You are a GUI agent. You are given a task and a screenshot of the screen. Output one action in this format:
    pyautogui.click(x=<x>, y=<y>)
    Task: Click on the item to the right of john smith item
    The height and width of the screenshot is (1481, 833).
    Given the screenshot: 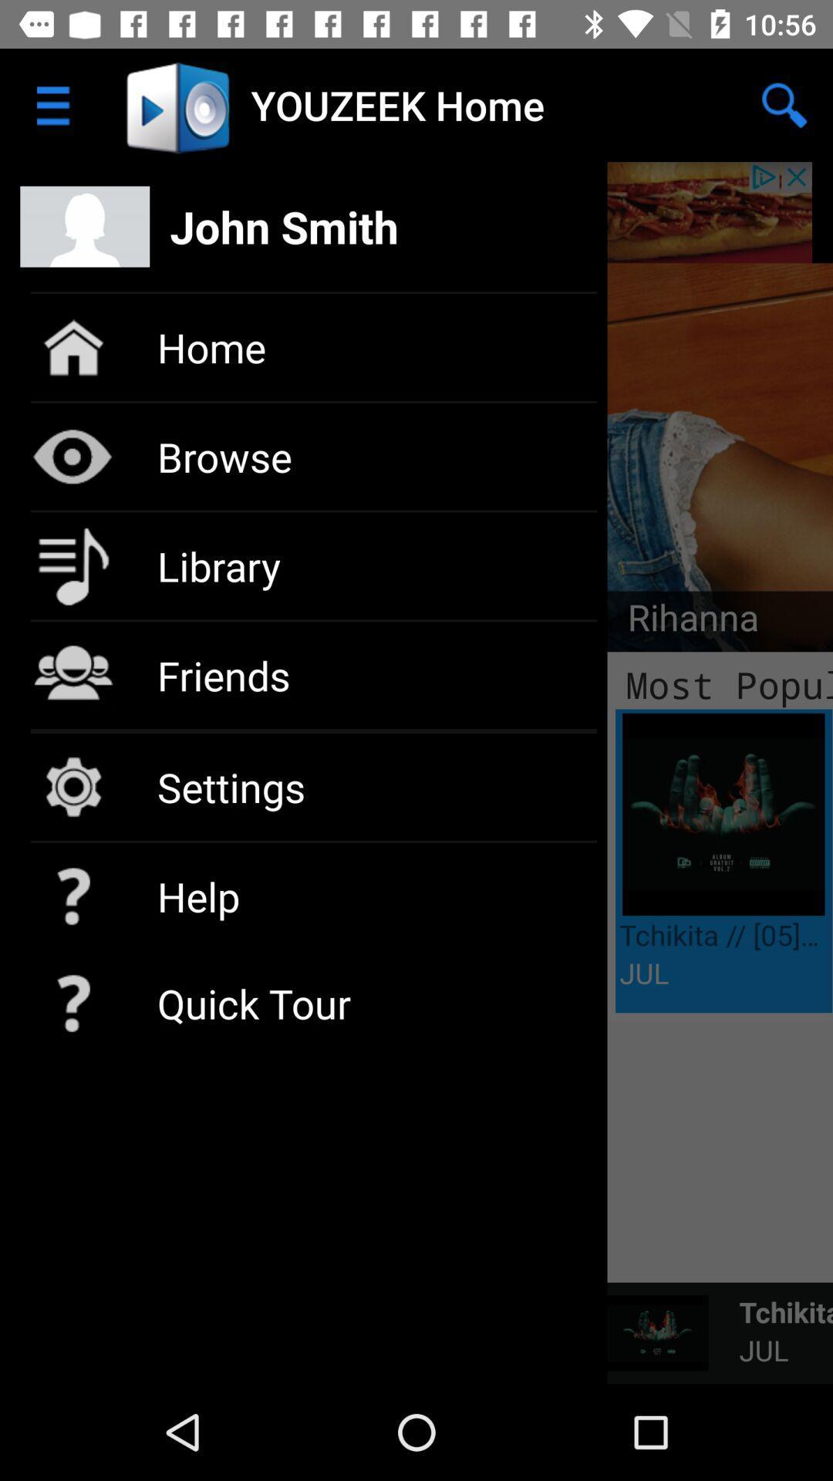 What is the action you would take?
    pyautogui.click(x=784, y=104)
    